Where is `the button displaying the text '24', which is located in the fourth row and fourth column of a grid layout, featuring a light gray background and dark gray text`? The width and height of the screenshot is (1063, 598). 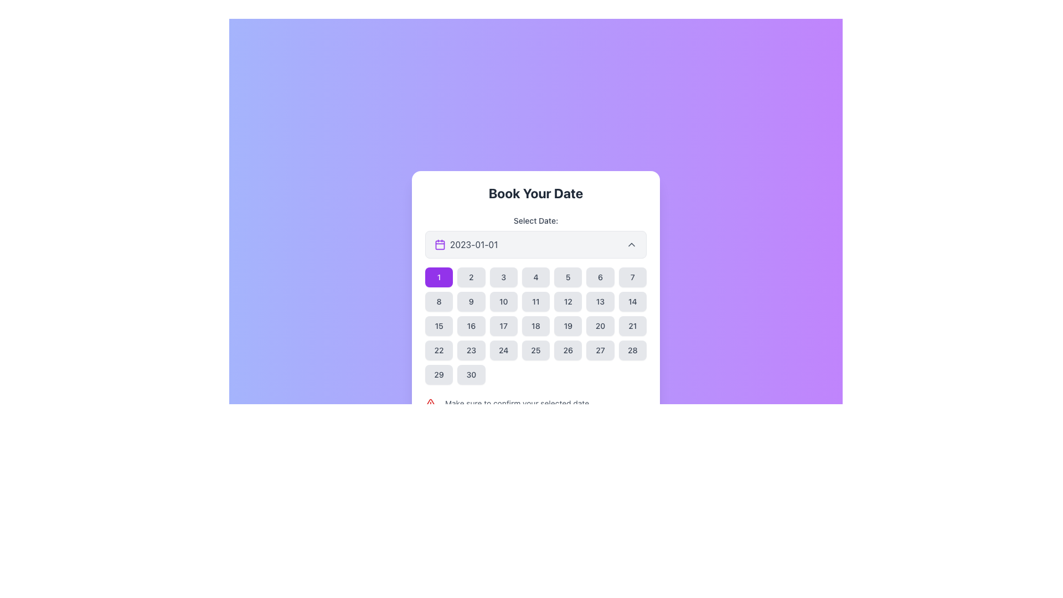 the button displaying the text '24', which is located in the fourth row and fourth column of a grid layout, featuring a light gray background and dark gray text is located at coordinates (503, 350).